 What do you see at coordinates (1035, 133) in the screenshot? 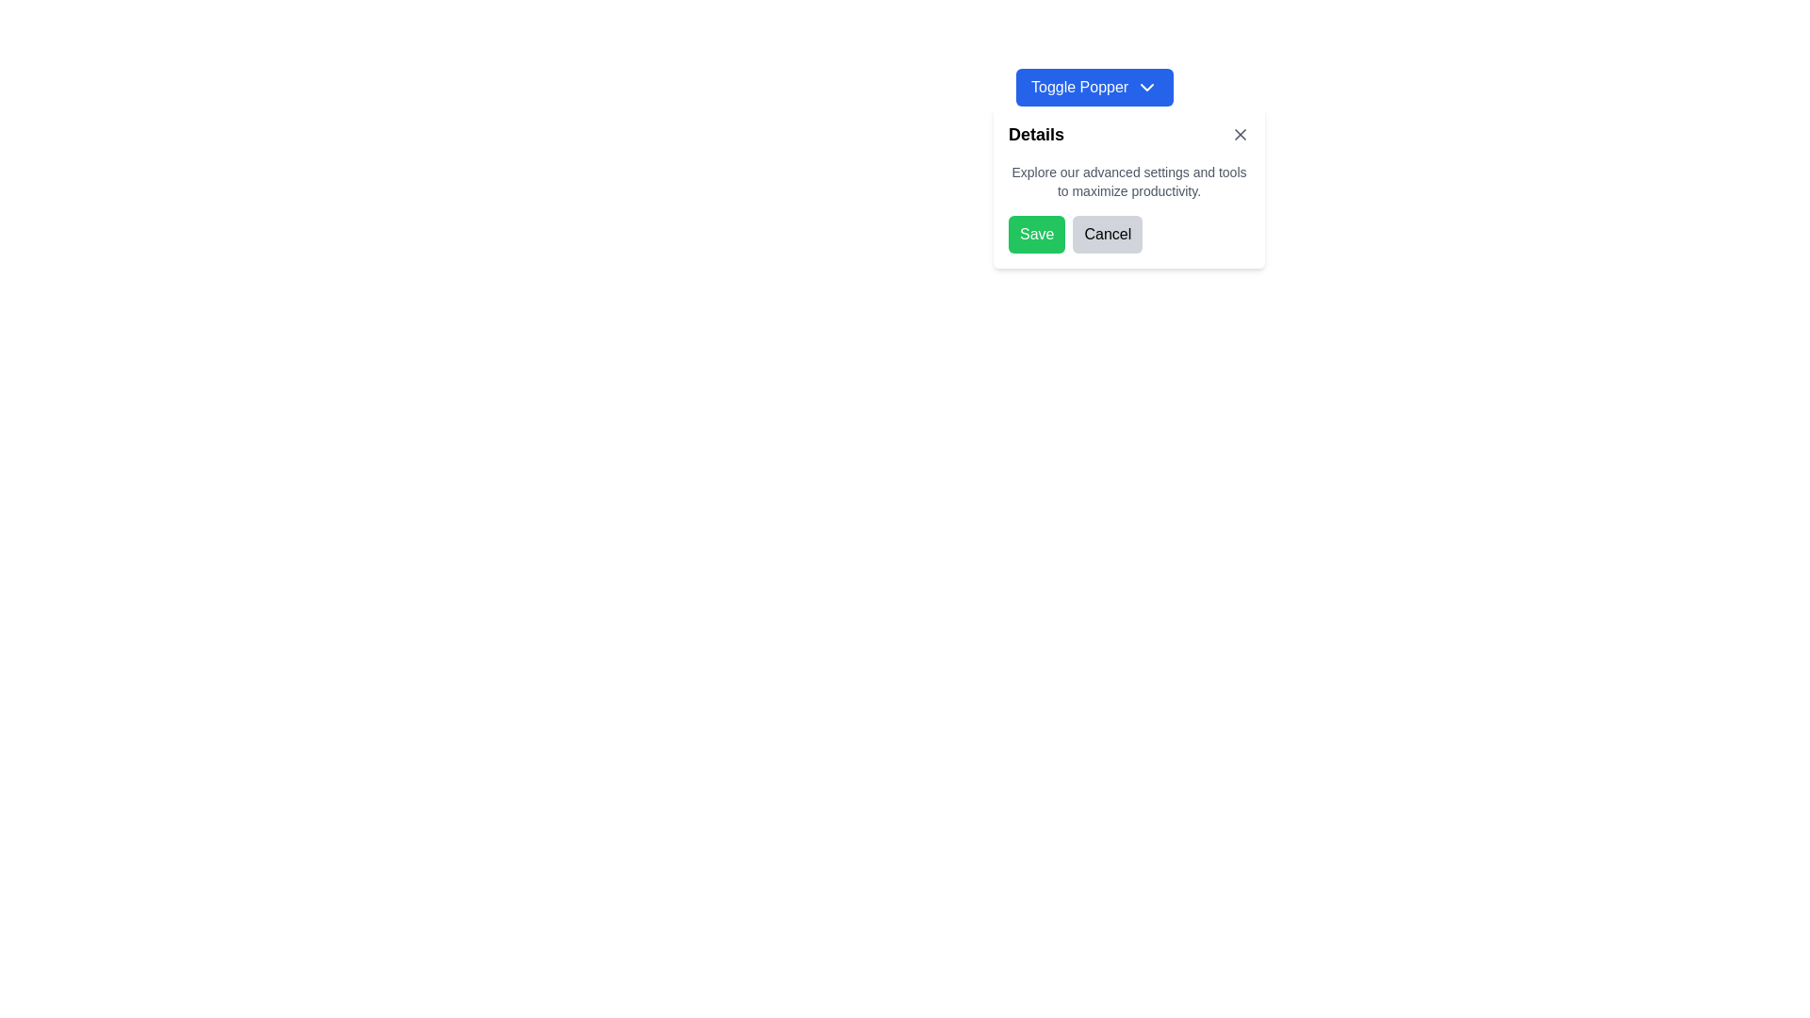
I see `the static text label that introduces the content section, located at the top section of the content panel, to the left of the close button` at bounding box center [1035, 133].